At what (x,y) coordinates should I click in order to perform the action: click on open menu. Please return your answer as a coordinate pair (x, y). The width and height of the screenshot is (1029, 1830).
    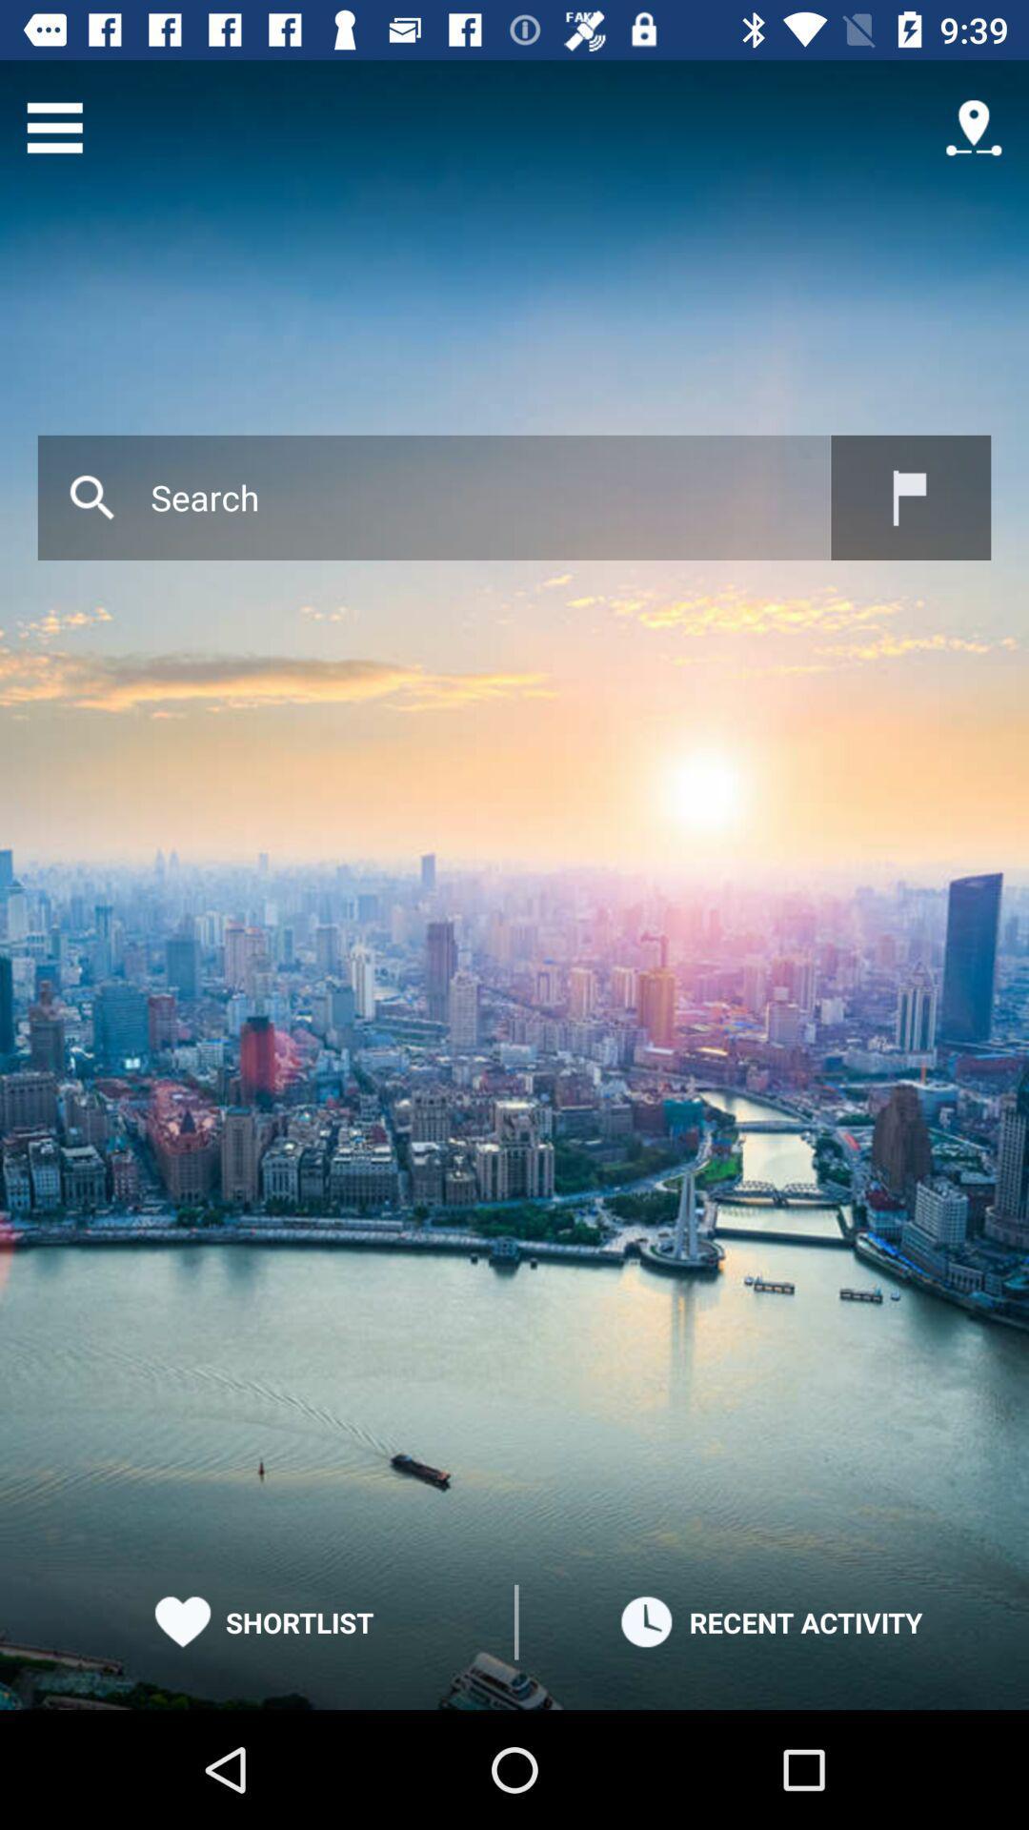
    Looking at the image, I should click on (53, 127).